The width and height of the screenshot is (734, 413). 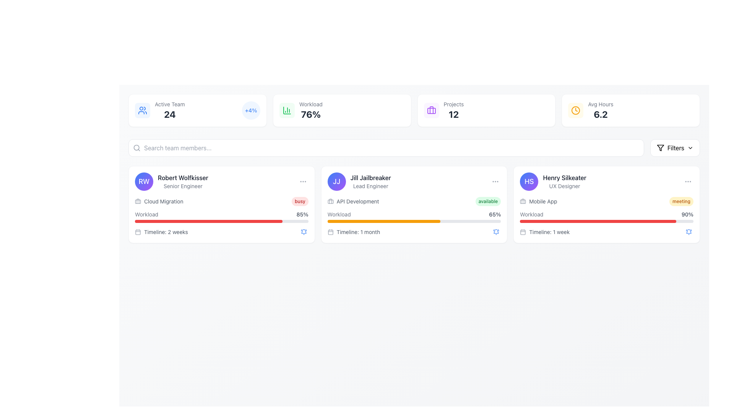 What do you see at coordinates (144, 181) in the screenshot?
I see `the Profile avatar icon featuring the initials 'RW'` at bounding box center [144, 181].